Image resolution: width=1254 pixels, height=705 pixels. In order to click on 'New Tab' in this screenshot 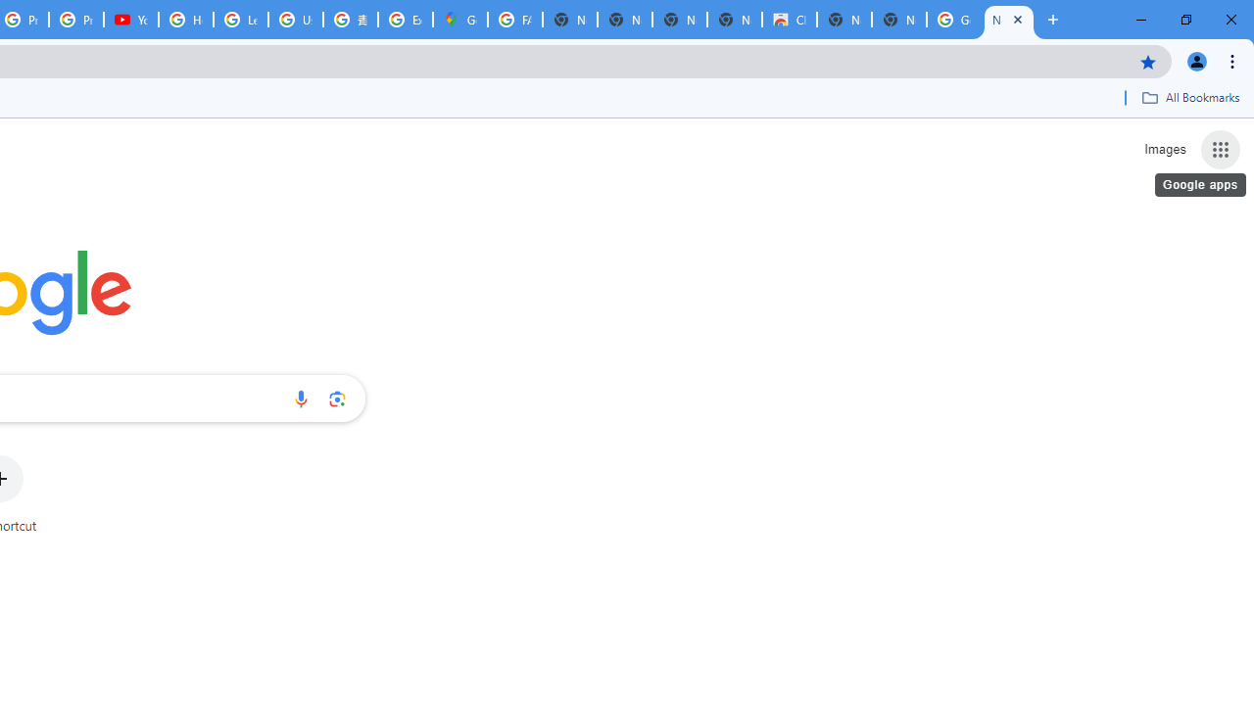, I will do `click(1009, 20)`.